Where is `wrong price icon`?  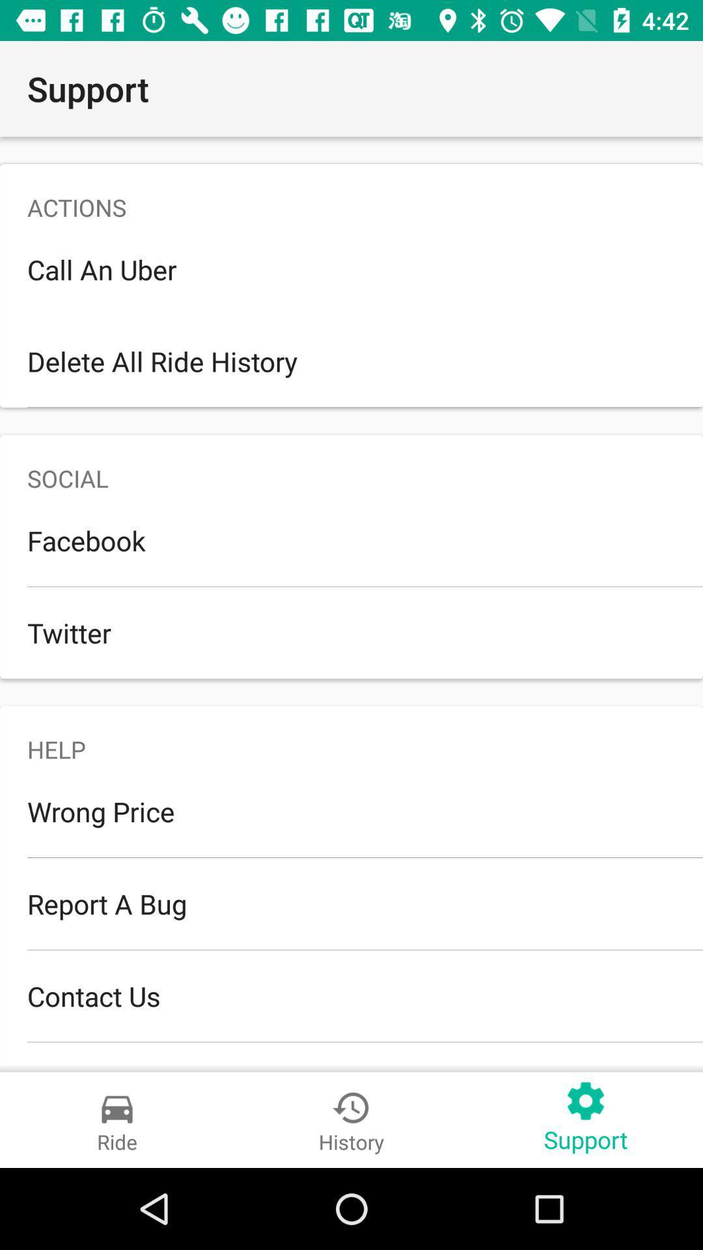
wrong price icon is located at coordinates (351, 811).